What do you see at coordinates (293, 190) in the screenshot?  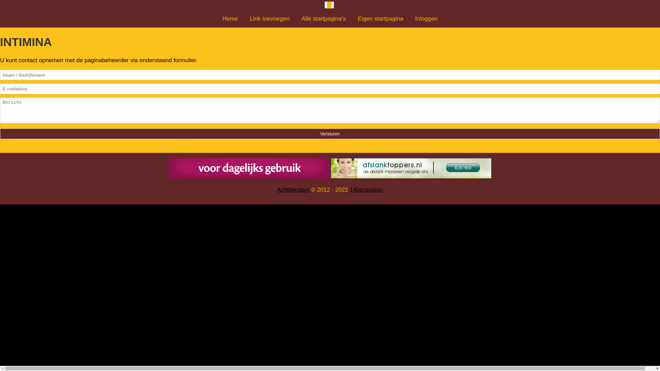 I see `'Achttienstart'` at bounding box center [293, 190].